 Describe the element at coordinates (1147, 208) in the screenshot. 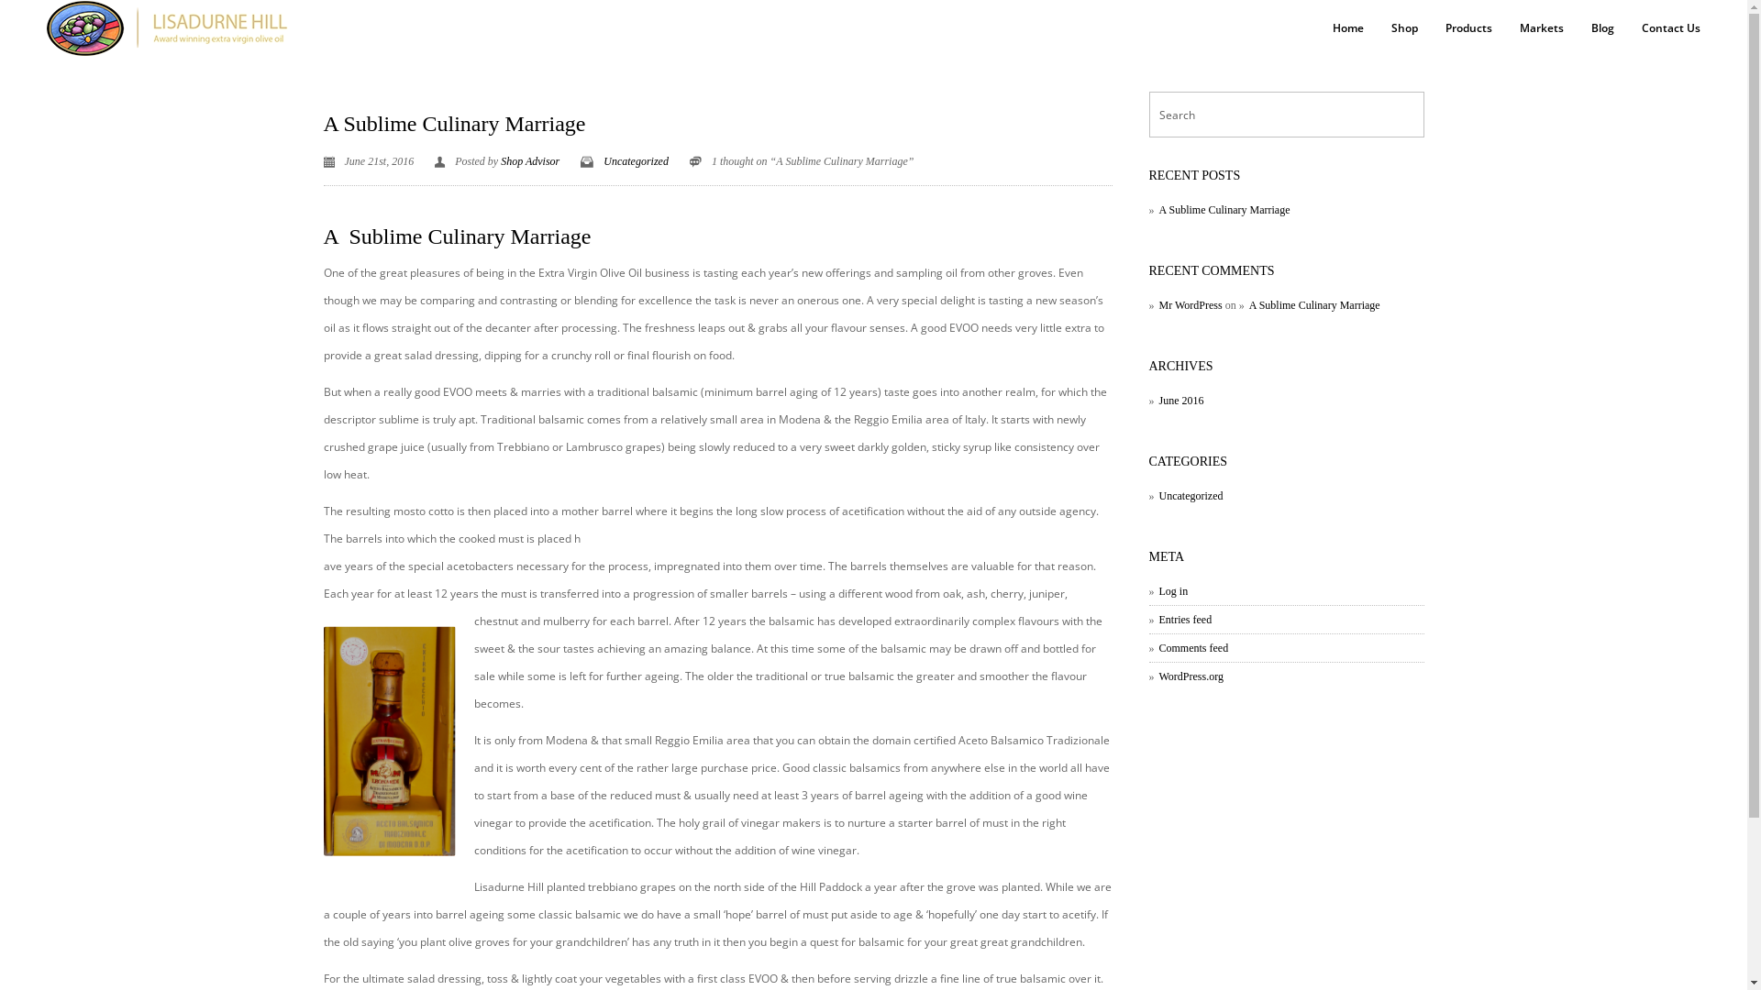

I see `'A Sublime Culinary Marriage'` at that location.